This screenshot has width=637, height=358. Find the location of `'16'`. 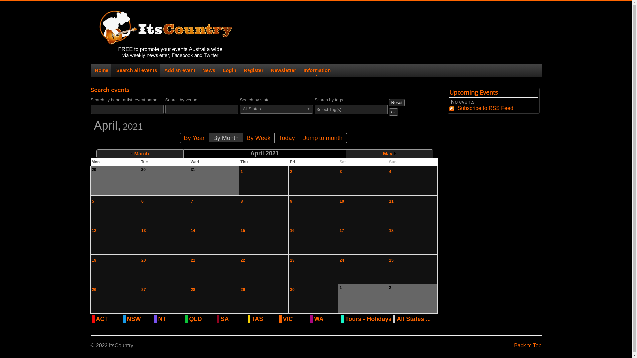

'16' is located at coordinates (292, 230).